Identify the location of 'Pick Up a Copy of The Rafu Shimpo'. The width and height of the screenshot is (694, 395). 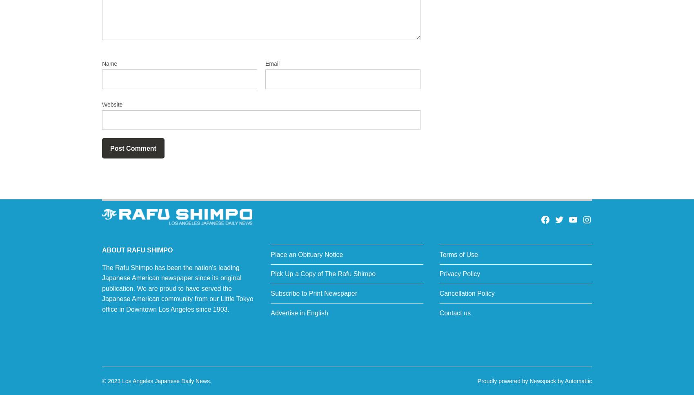
(323, 274).